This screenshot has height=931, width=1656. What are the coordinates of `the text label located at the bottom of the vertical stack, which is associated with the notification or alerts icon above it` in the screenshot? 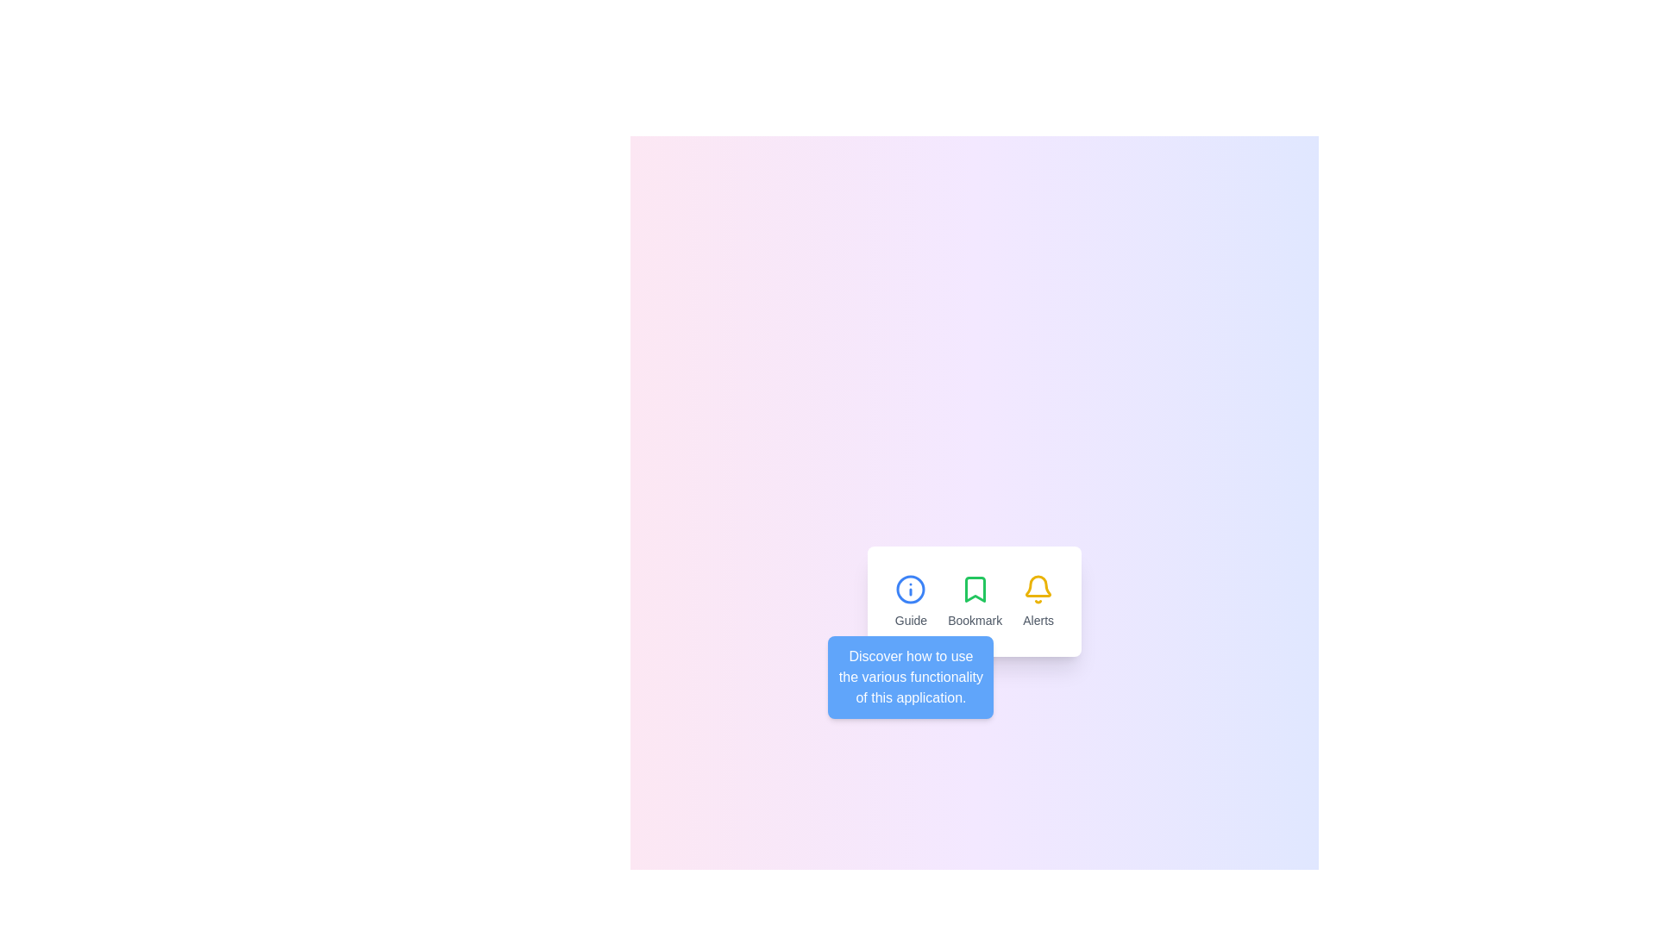 It's located at (1038, 621).